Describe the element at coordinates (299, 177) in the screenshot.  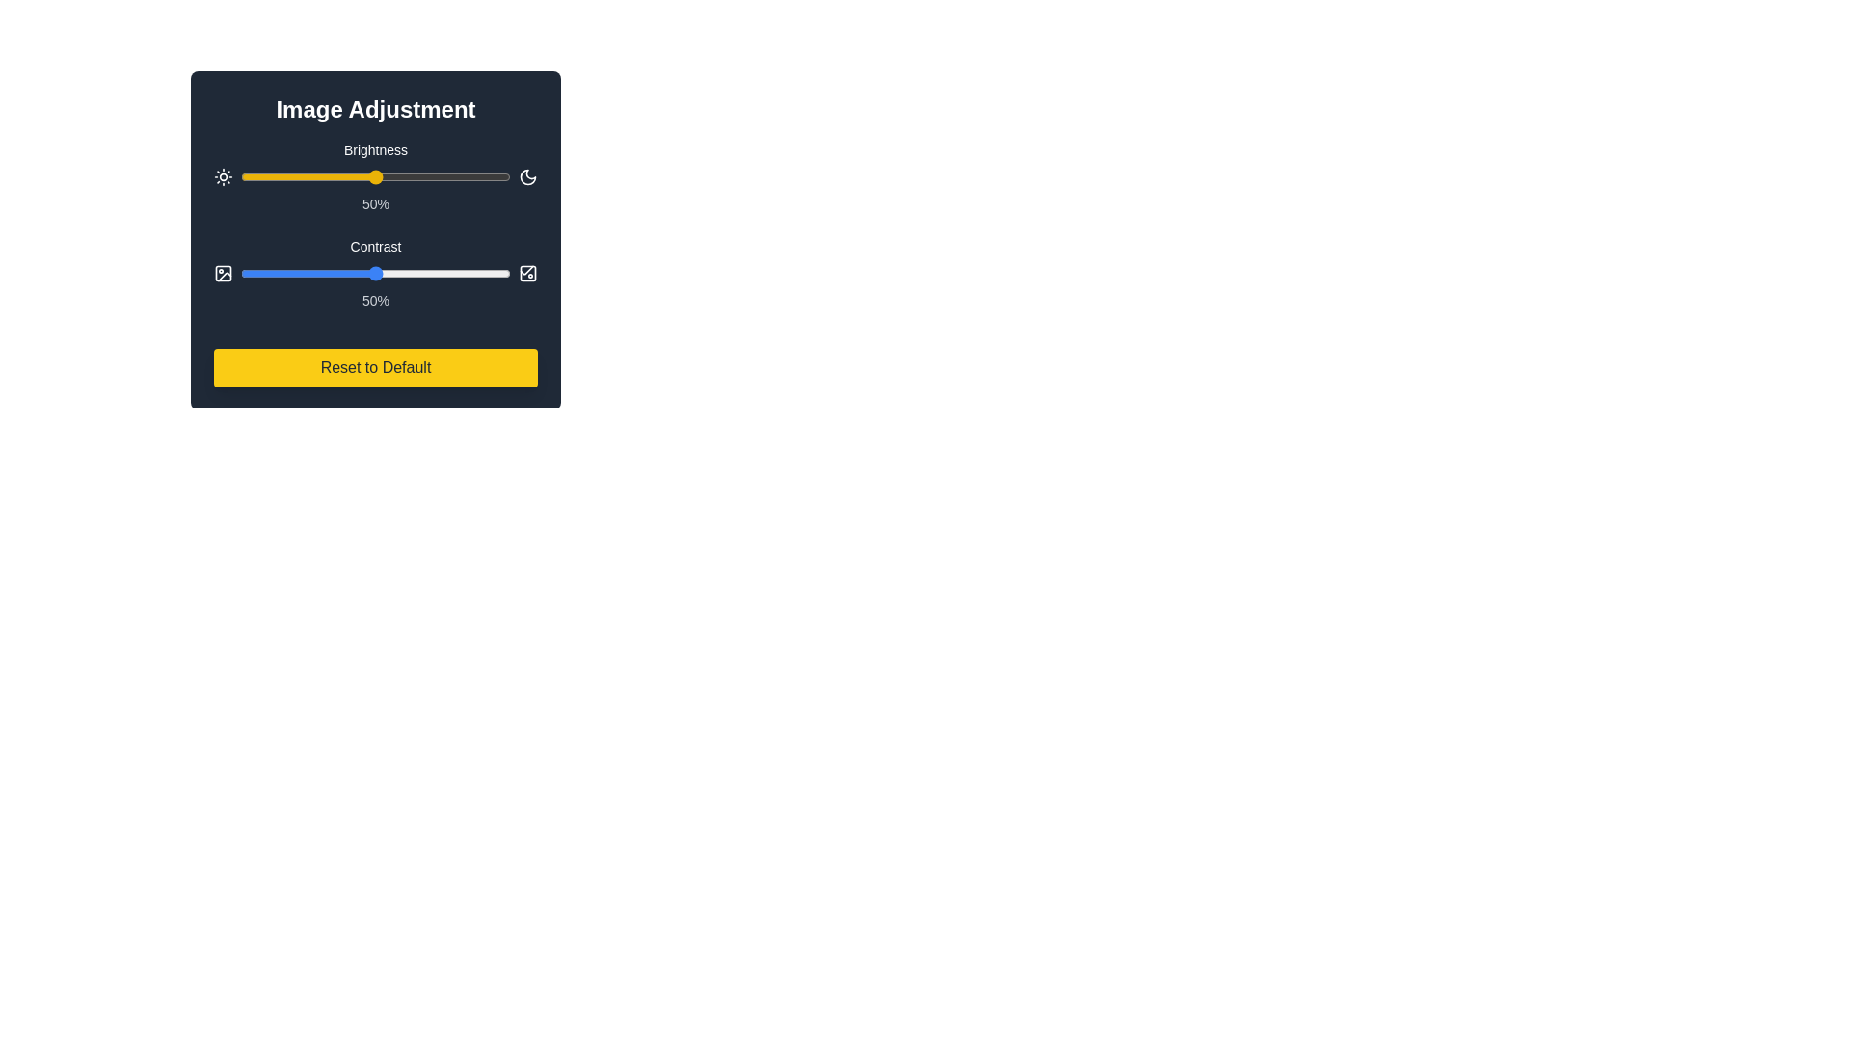
I see `brightness` at that location.